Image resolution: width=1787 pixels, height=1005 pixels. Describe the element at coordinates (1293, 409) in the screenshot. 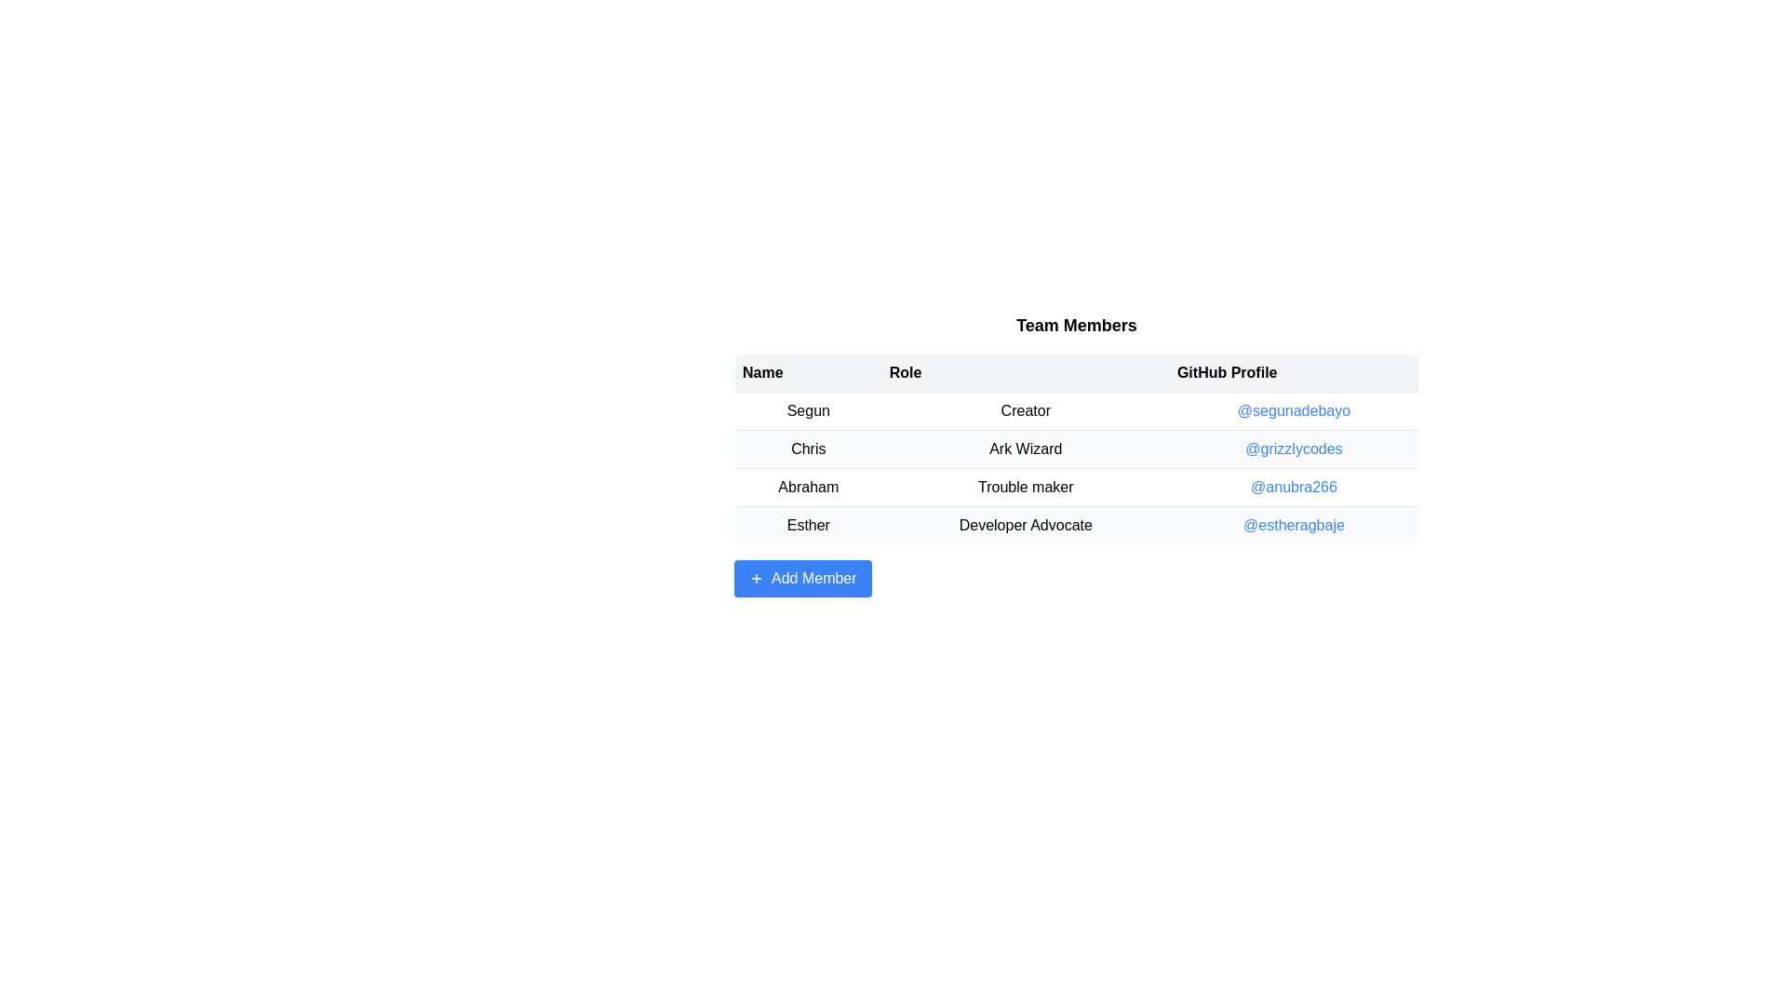

I see `the hyperlink in the 'GitHub Profile' column, first row of the 'Team Members' table` at that location.